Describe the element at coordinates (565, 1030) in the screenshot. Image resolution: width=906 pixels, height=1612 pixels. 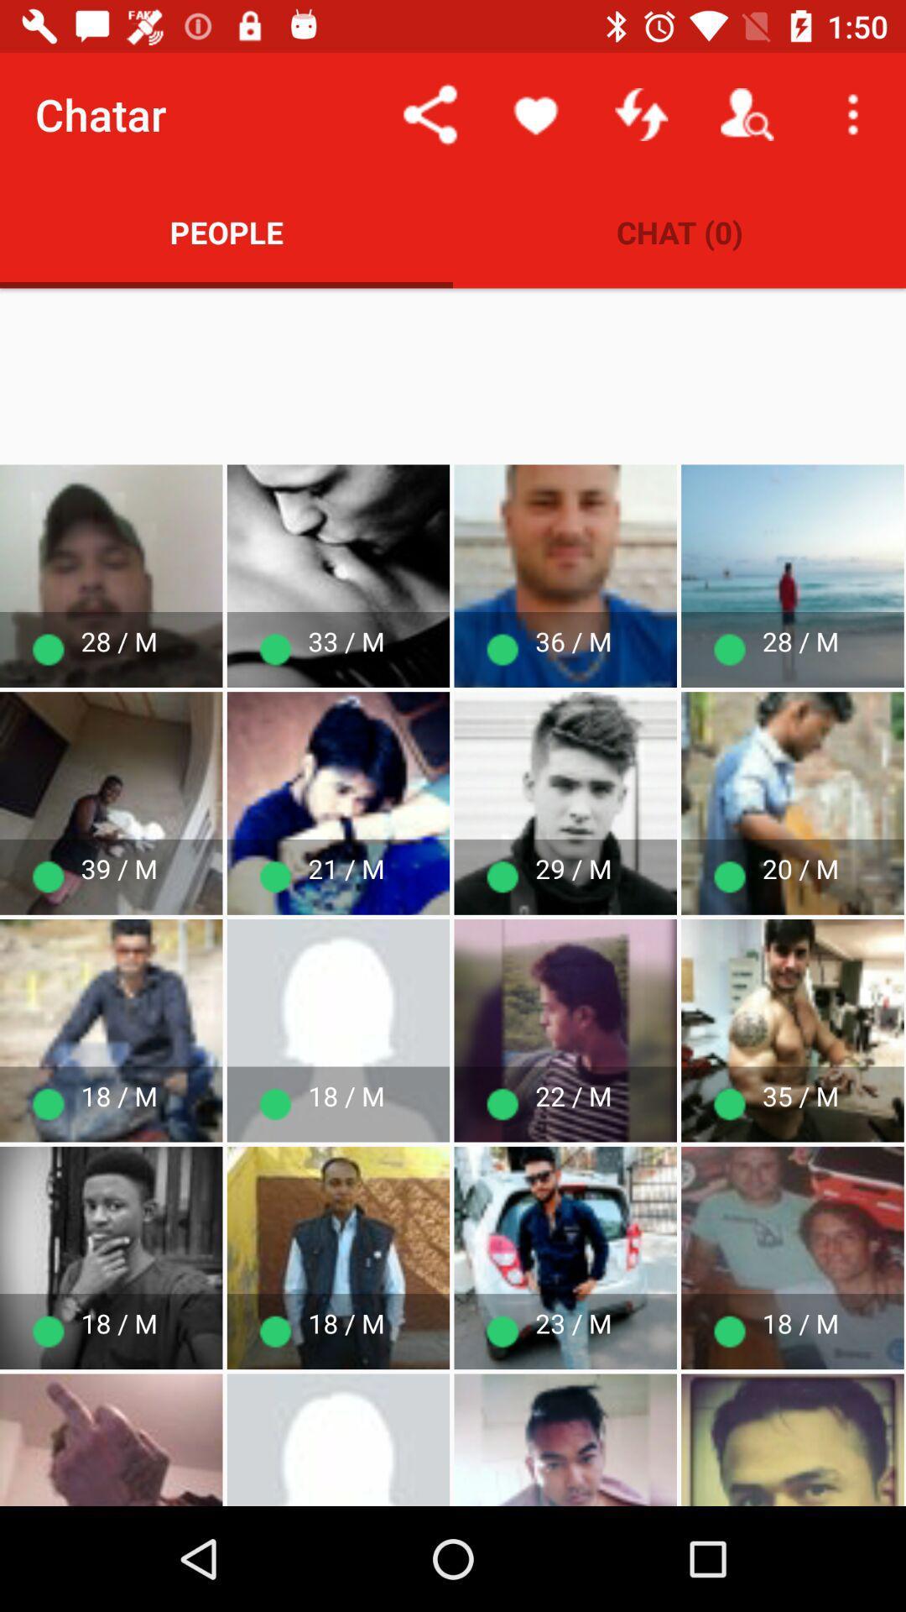
I see `the third image in the third column from left side` at that location.